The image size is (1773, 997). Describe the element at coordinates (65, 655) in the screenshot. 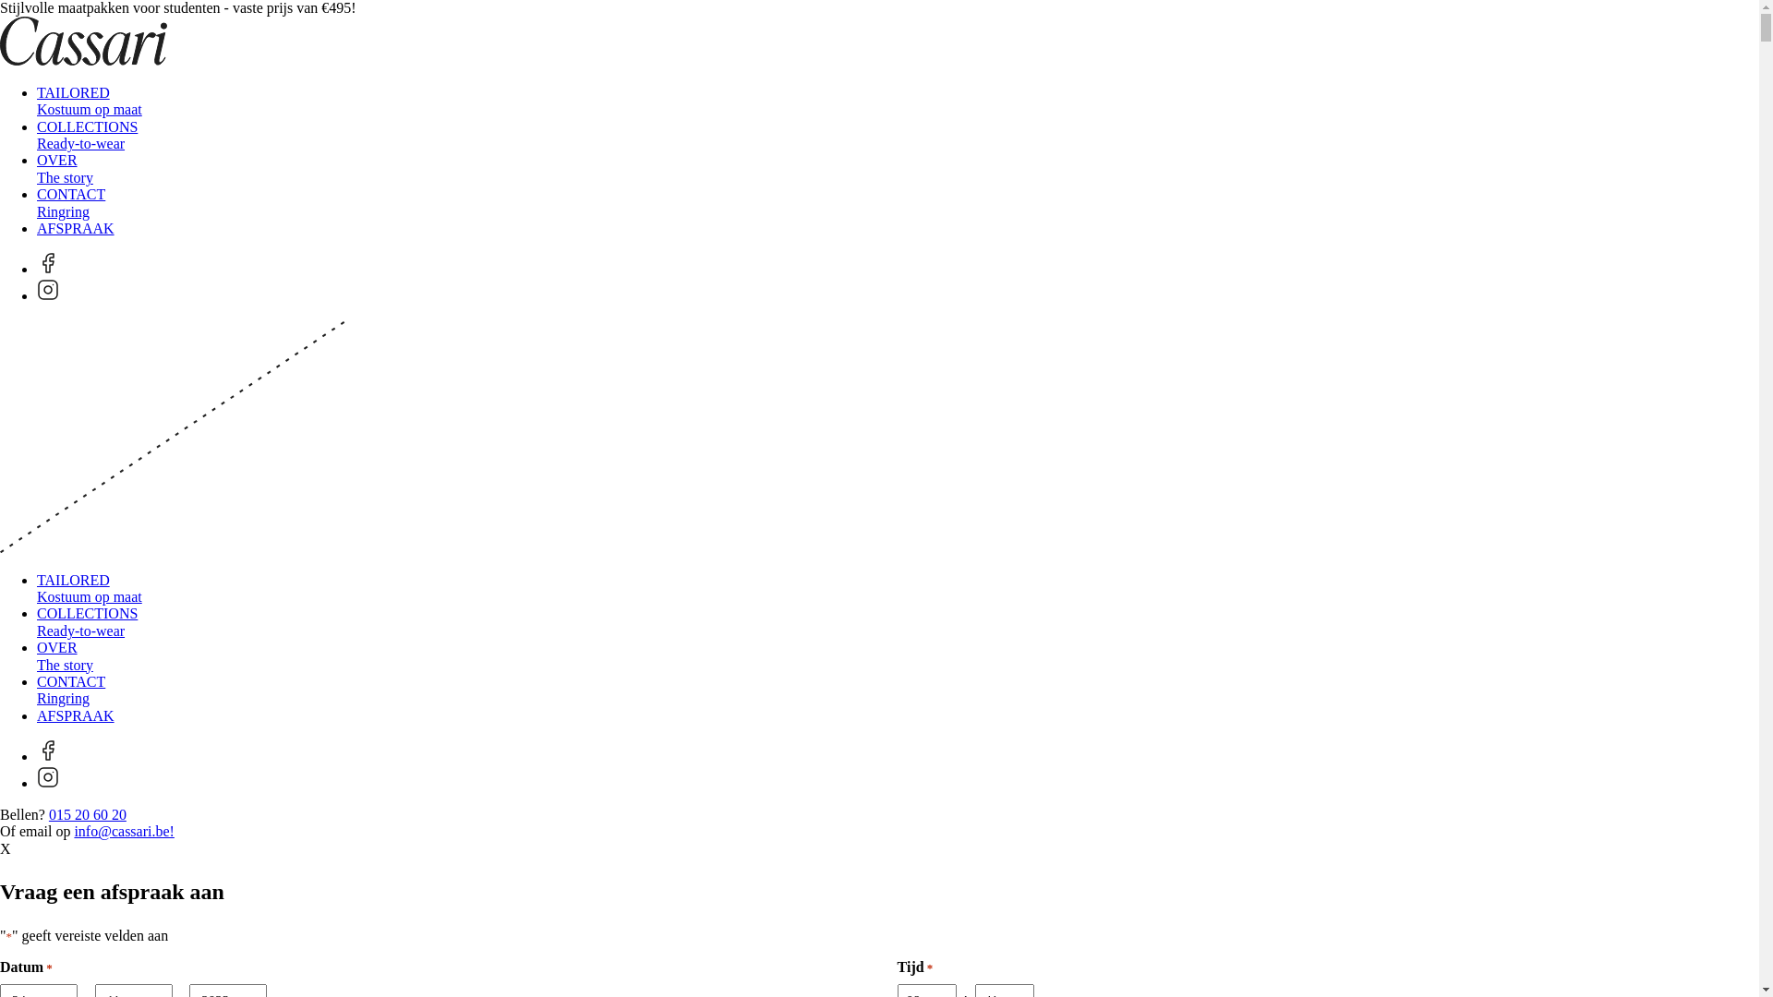

I see `'OVER` at that location.